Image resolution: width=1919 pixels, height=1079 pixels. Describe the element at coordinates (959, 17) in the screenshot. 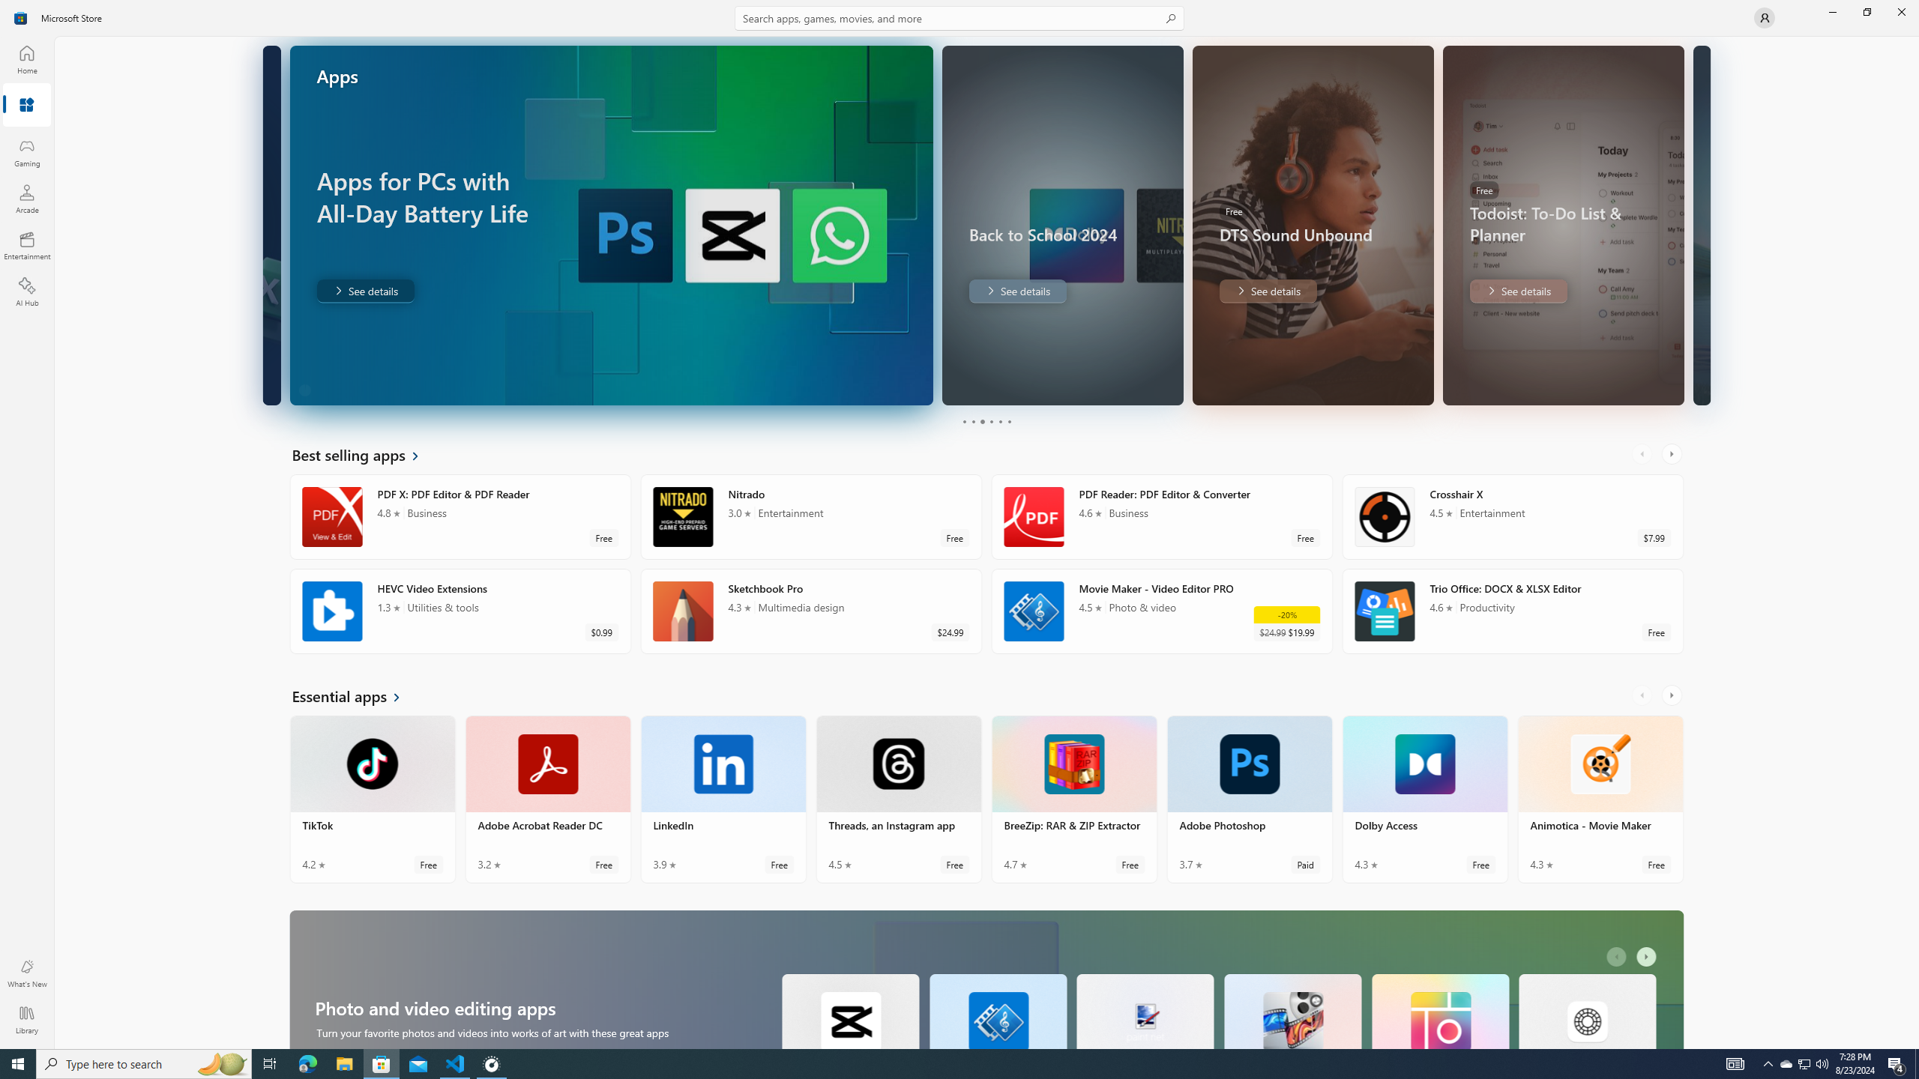

I see `'Search'` at that location.